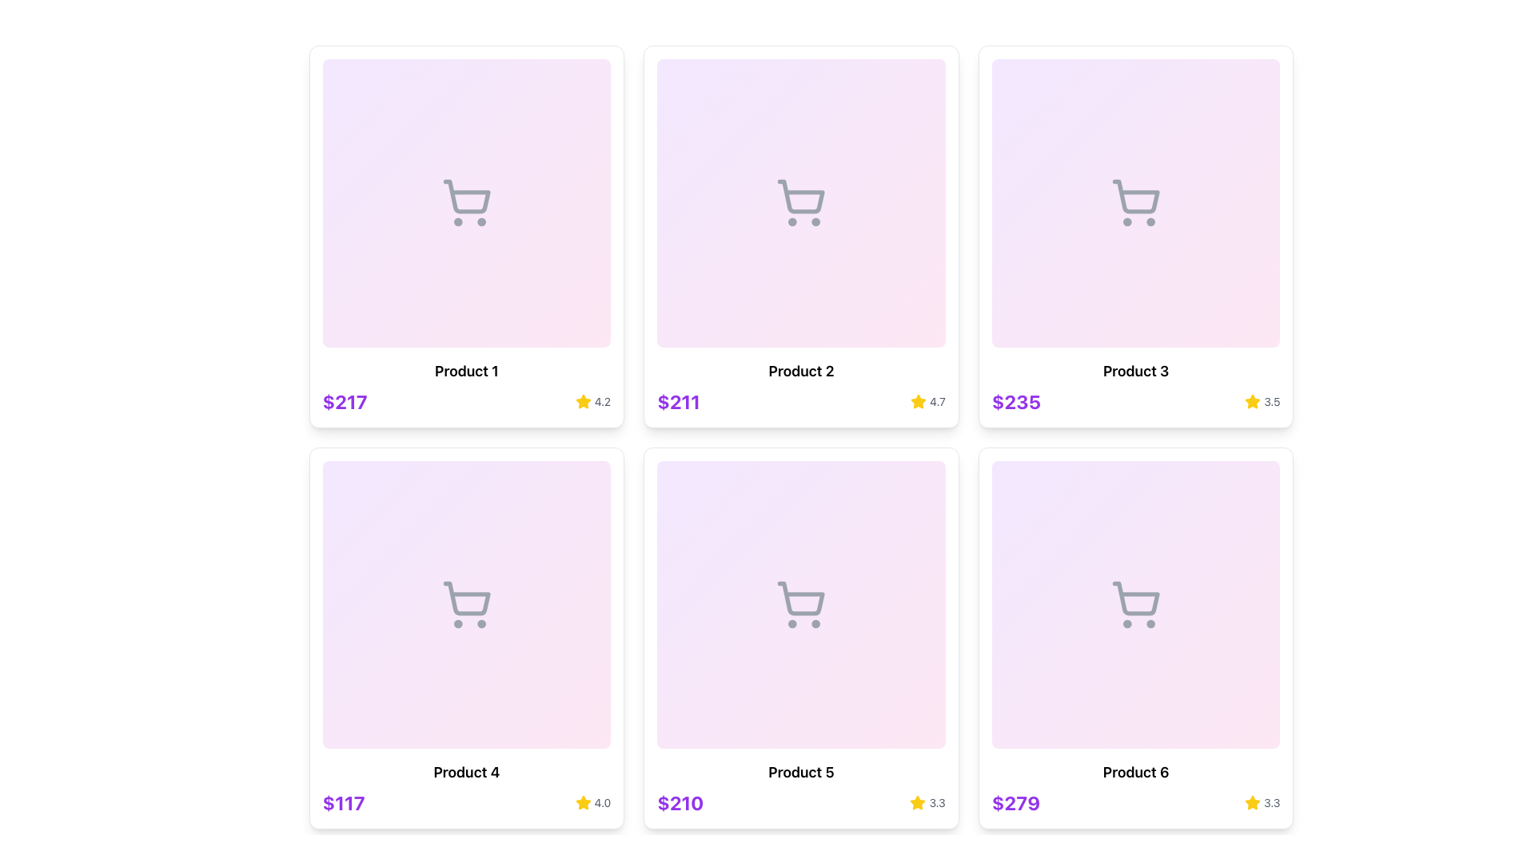 This screenshot has width=1535, height=863. I want to click on the bold numeric text displaying the price '$217' in purple color, located in the bottom-left section of the card titled 'Product 1', so click(344, 400).